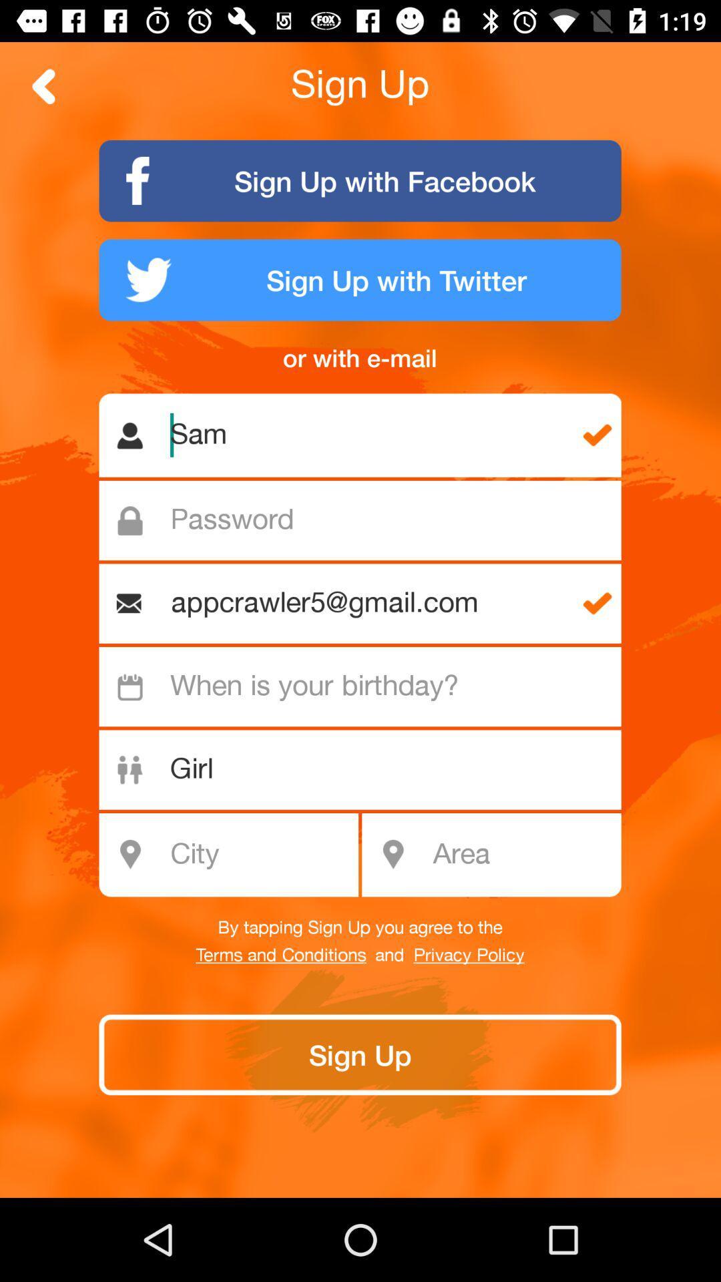 This screenshot has height=1282, width=721. What do you see at coordinates (43, 85) in the screenshot?
I see `go back` at bounding box center [43, 85].